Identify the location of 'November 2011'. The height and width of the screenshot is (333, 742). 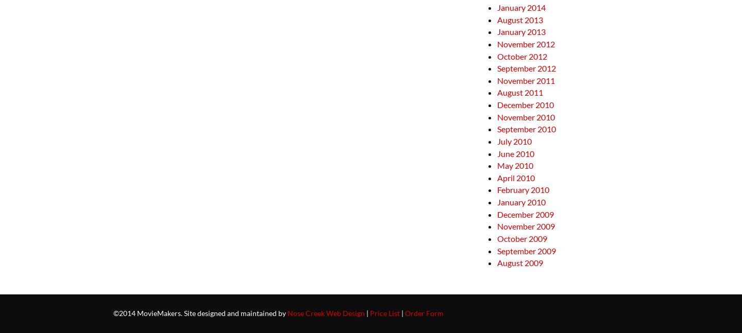
(525, 80).